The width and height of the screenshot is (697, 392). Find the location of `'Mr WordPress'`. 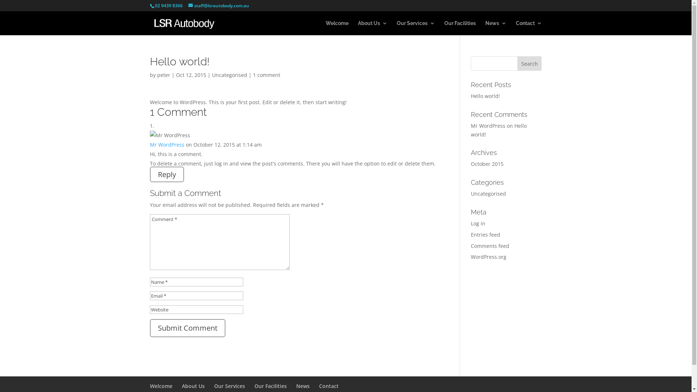

'Mr WordPress' is located at coordinates (166, 144).